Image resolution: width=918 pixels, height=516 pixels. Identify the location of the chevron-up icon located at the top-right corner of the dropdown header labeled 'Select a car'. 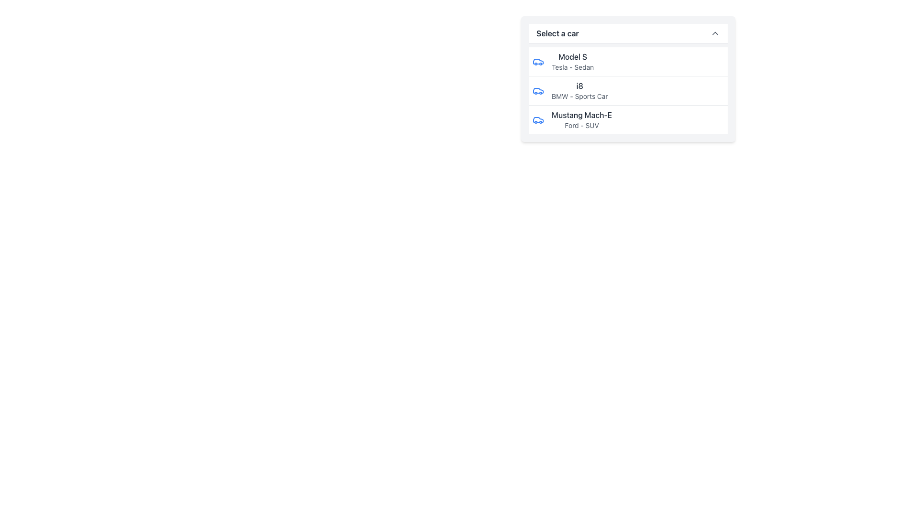
(715, 32).